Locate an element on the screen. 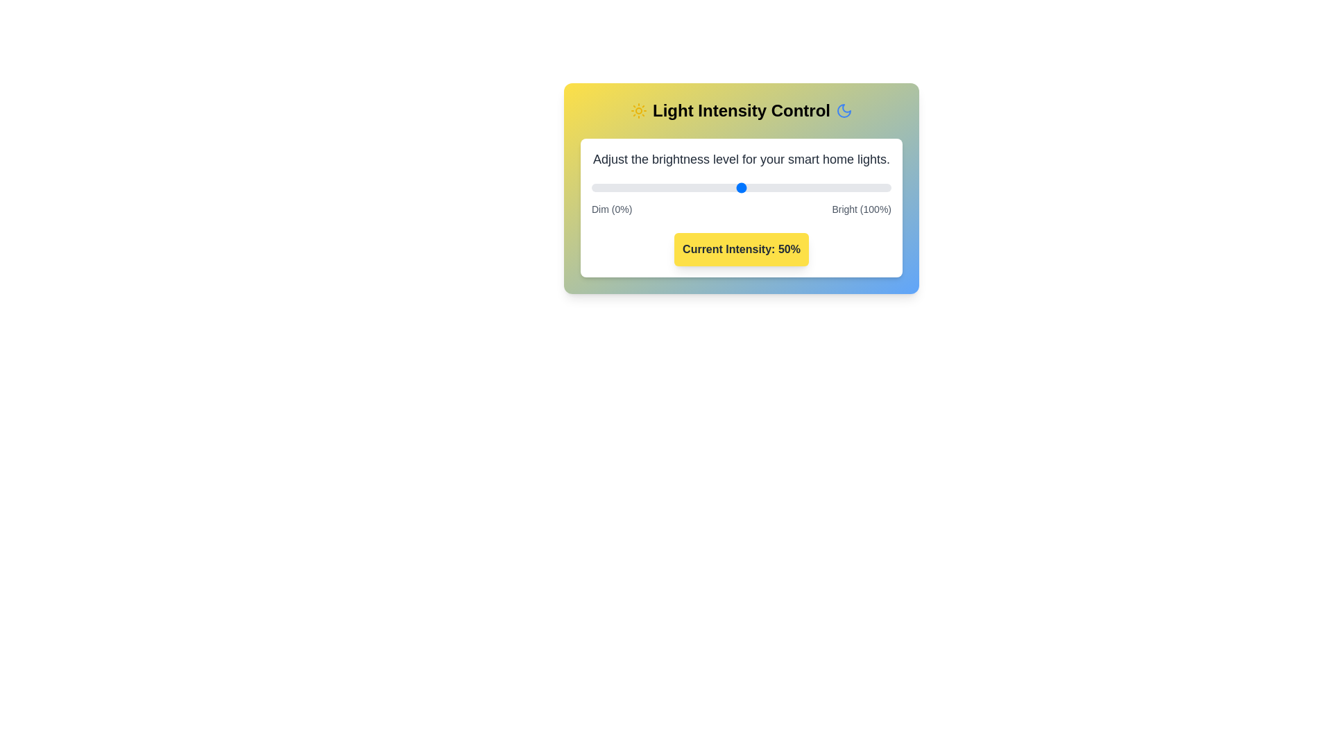  the light intensity to 70% by moving the slider is located at coordinates (801, 187).